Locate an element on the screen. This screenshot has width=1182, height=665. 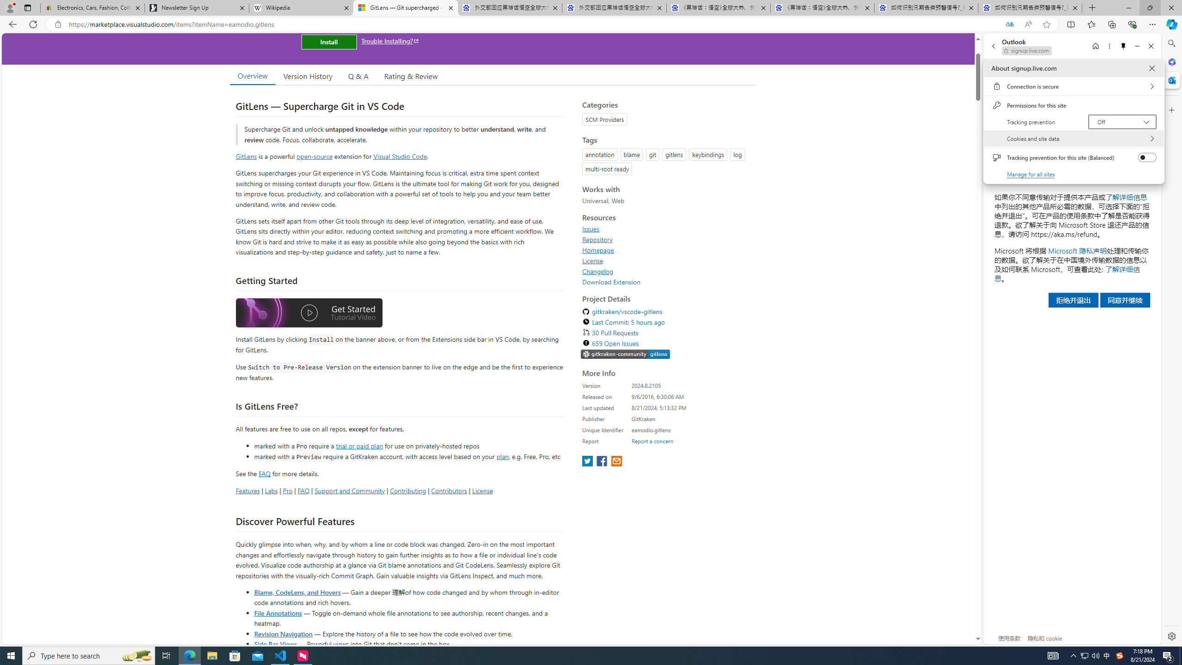
'AutomationID: 4105' is located at coordinates (1052, 655).